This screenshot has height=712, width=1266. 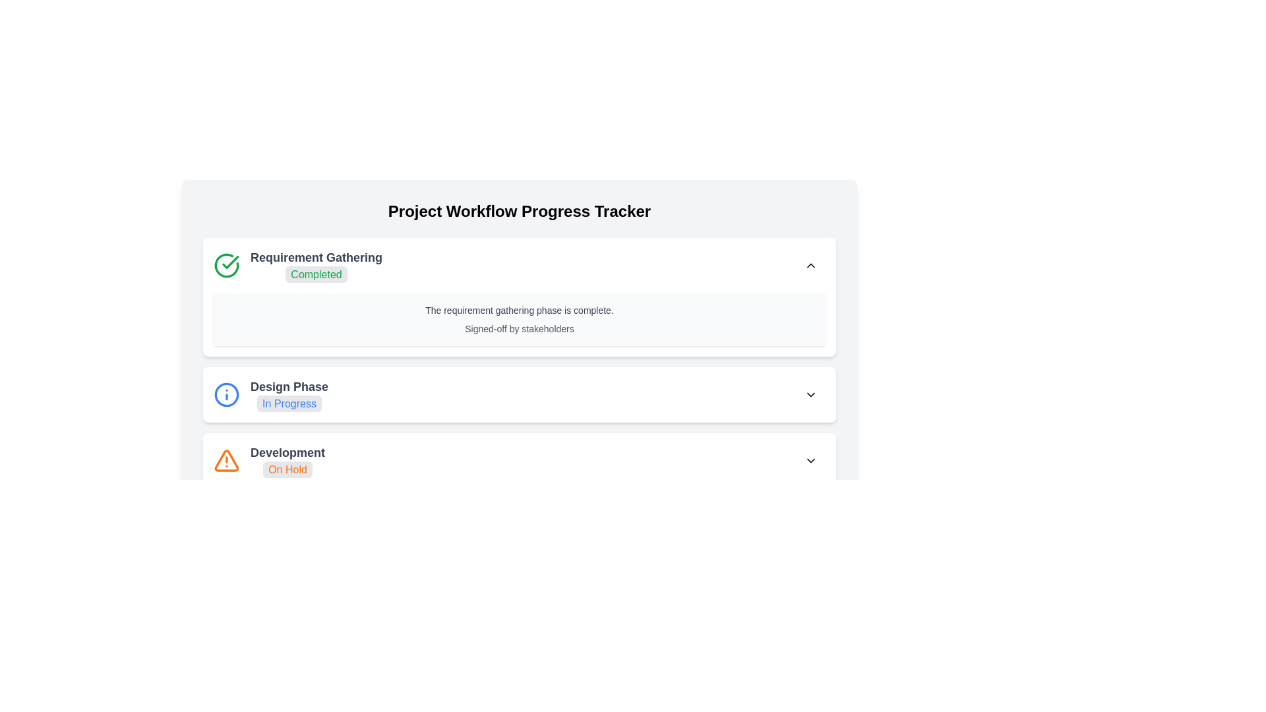 What do you see at coordinates (518, 310) in the screenshot?
I see `text displayed in the label that says 'The requirement gathering phase is complete.' which is positioned above the text 'Signed-off by stakeholders' within the 'Requirement Gathering' section` at bounding box center [518, 310].